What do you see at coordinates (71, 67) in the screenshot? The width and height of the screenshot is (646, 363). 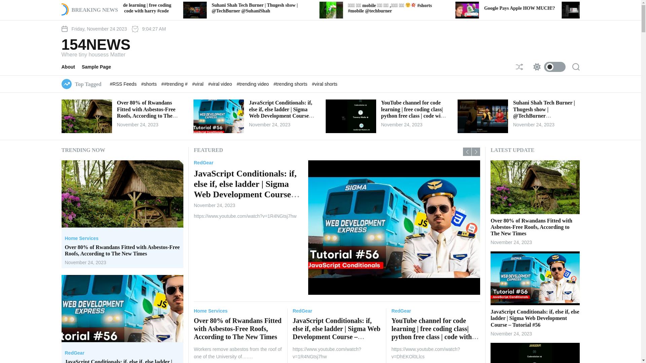 I see `'About'` at bounding box center [71, 67].